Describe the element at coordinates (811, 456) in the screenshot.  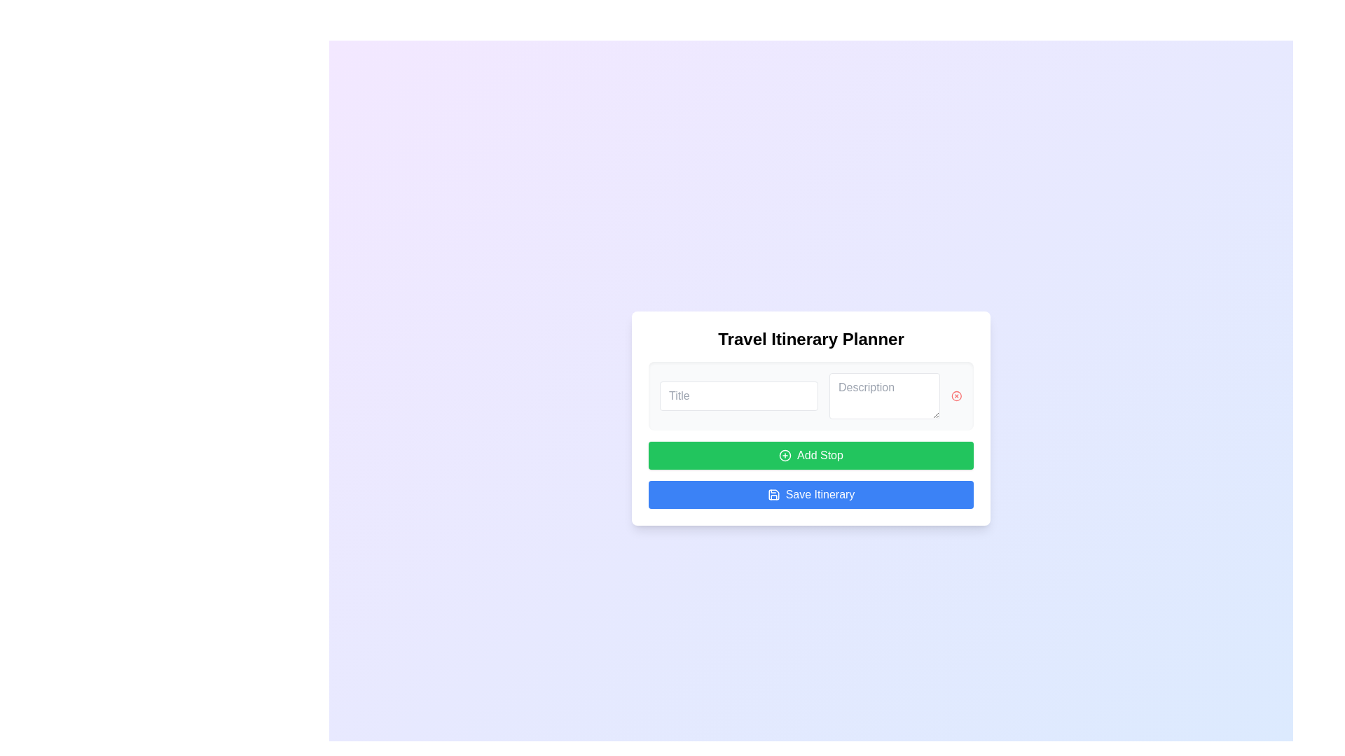
I see `the 'Add Stop' button, which has a green background, white text, and a plus-circle icon, located below the 'Title' and 'Description' input fields` at that location.